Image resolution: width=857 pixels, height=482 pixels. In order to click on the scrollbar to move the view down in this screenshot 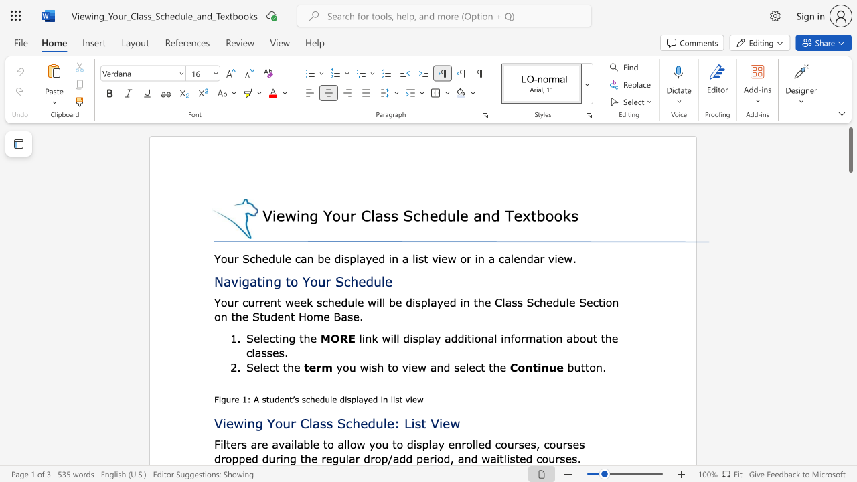, I will do `click(850, 201)`.